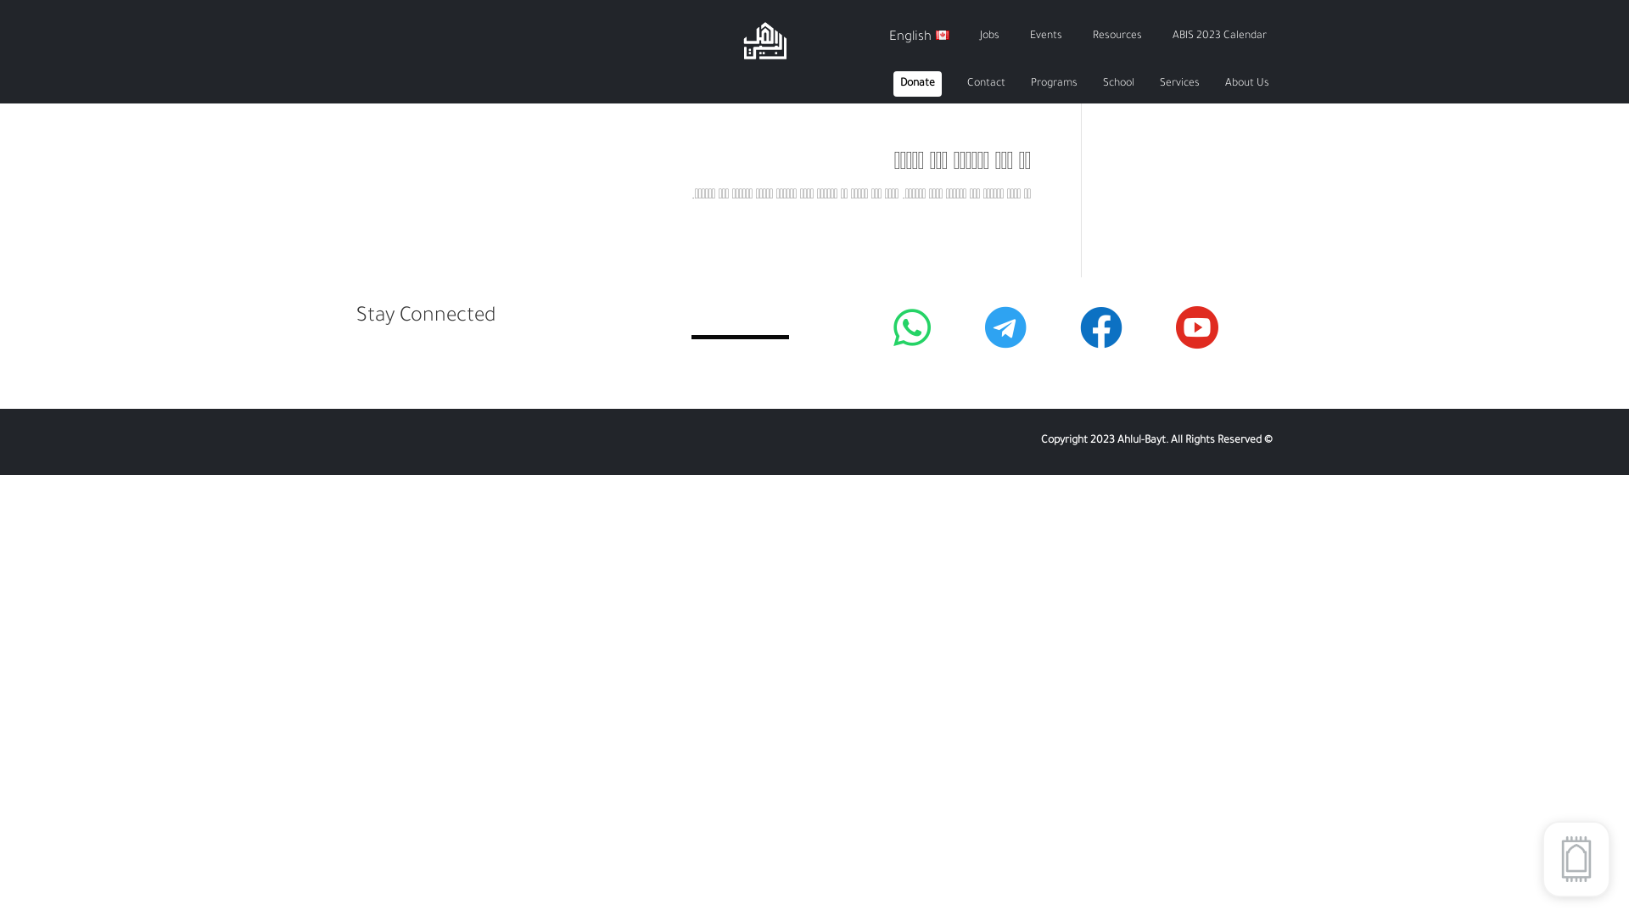  Describe the element at coordinates (980, 36) in the screenshot. I see `'Jobs'` at that location.